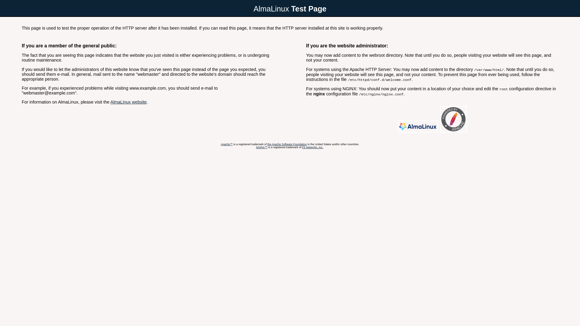 This screenshot has width=580, height=326. I want to click on 'F5 Networks, Inc.', so click(302, 147).